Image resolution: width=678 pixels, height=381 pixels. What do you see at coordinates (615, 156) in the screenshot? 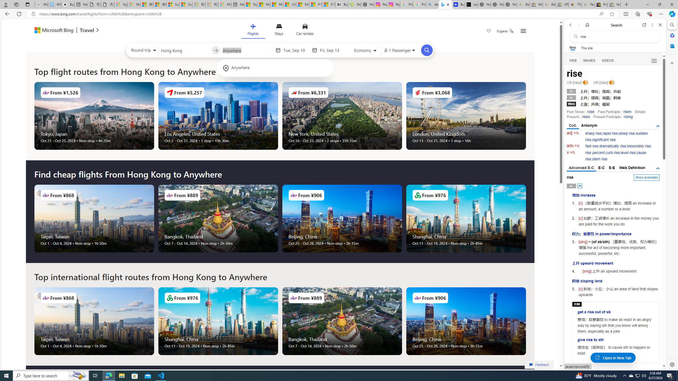
I see `'cause rise'` at bounding box center [615, 156].